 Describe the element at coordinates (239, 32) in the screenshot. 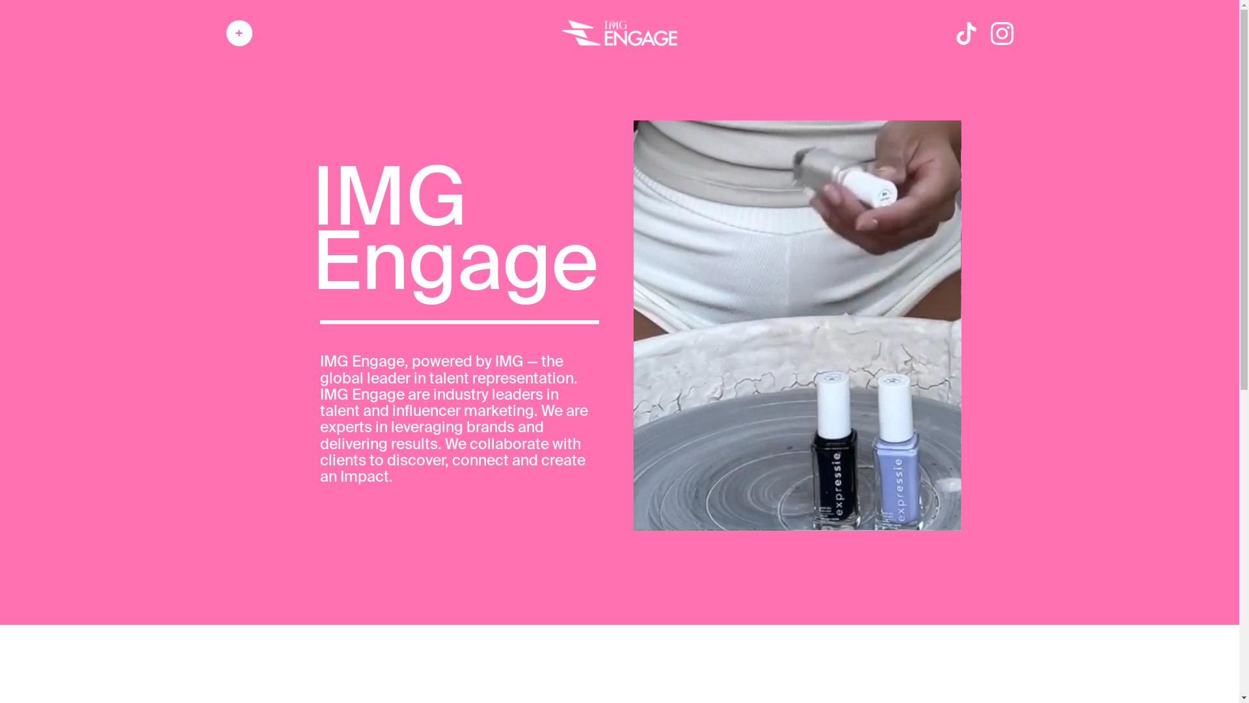

I see `'+'` at that location.